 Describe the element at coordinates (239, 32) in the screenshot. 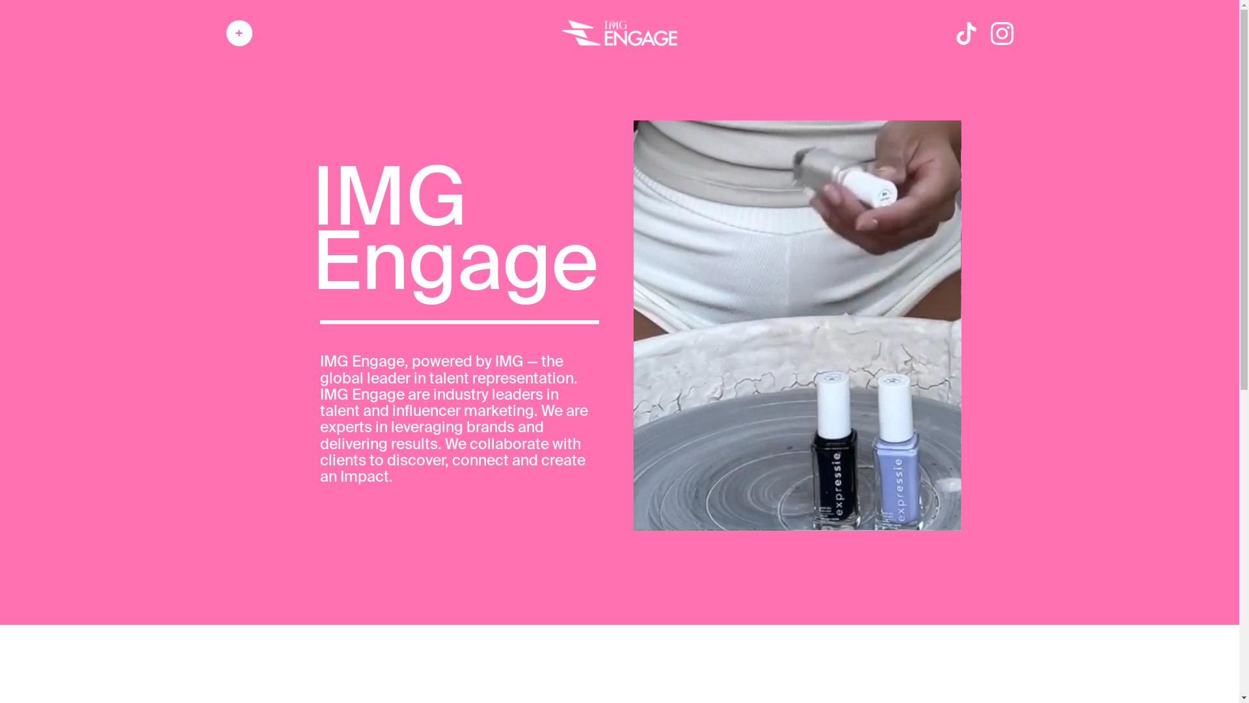

I see `'+'` at that location.